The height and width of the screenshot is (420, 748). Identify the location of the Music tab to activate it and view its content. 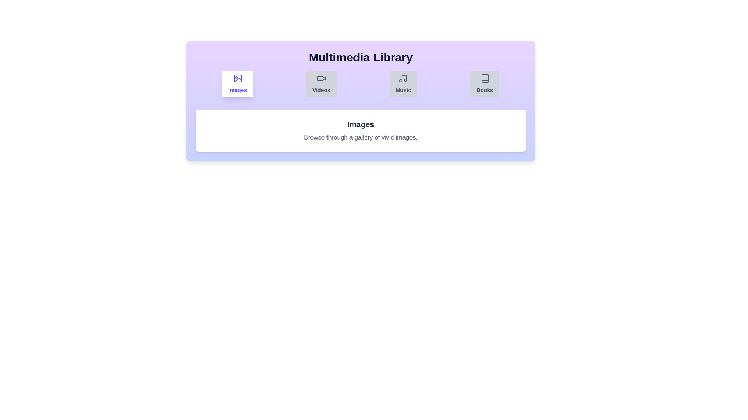
(403, 84).